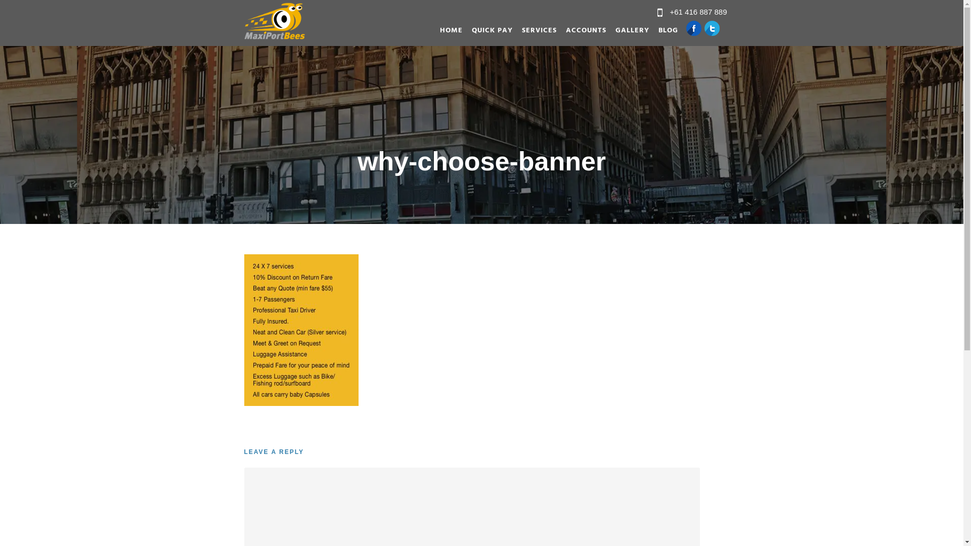 The height and width of the screenshot is (546, 971). I want to click on 'ACCOUNTS', so click(581, 32).